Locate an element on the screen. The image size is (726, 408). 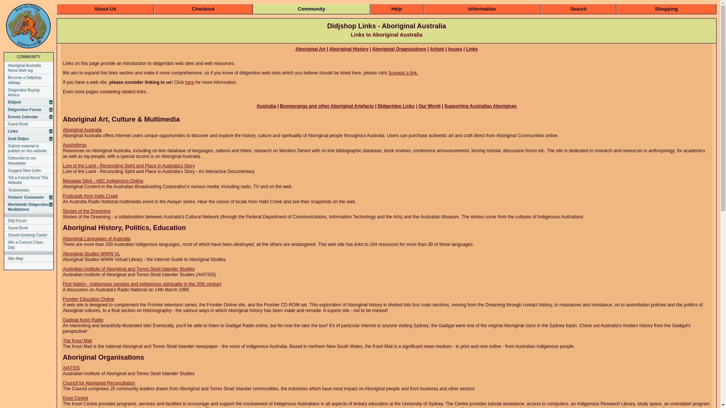
'Help' is located at coordinates (396, 9).